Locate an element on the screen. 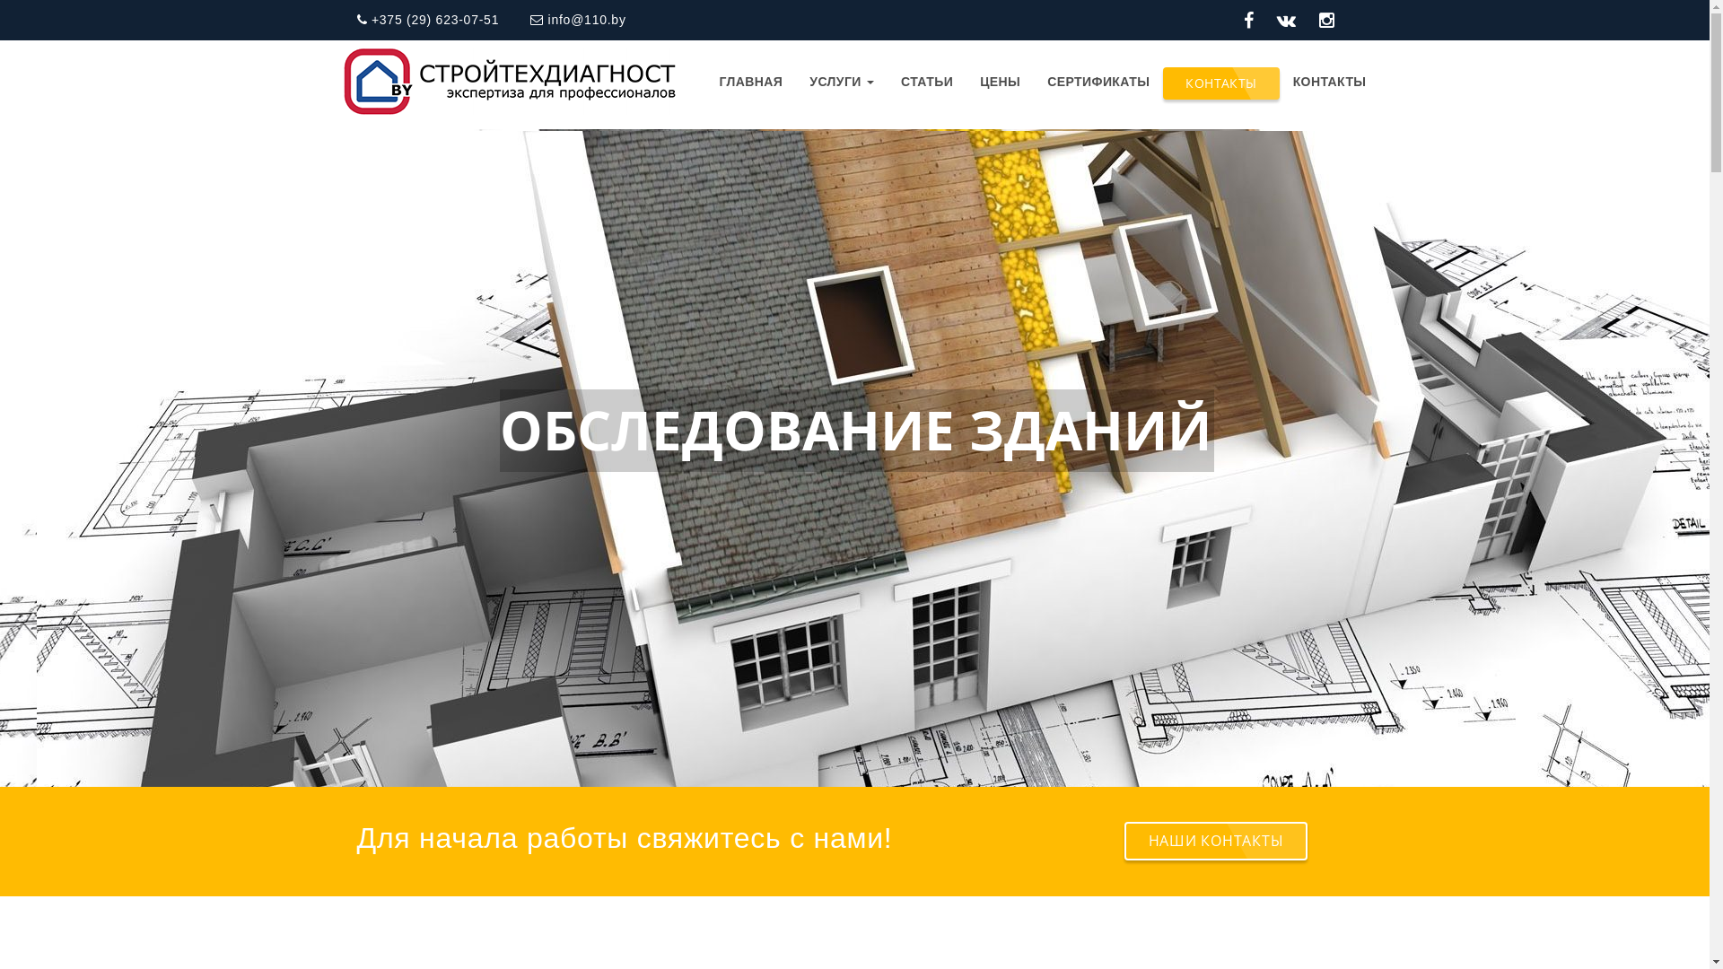 The image size is (1723, 969). '+375 (29) 623-07-51' is located at coordinates (357, 20).